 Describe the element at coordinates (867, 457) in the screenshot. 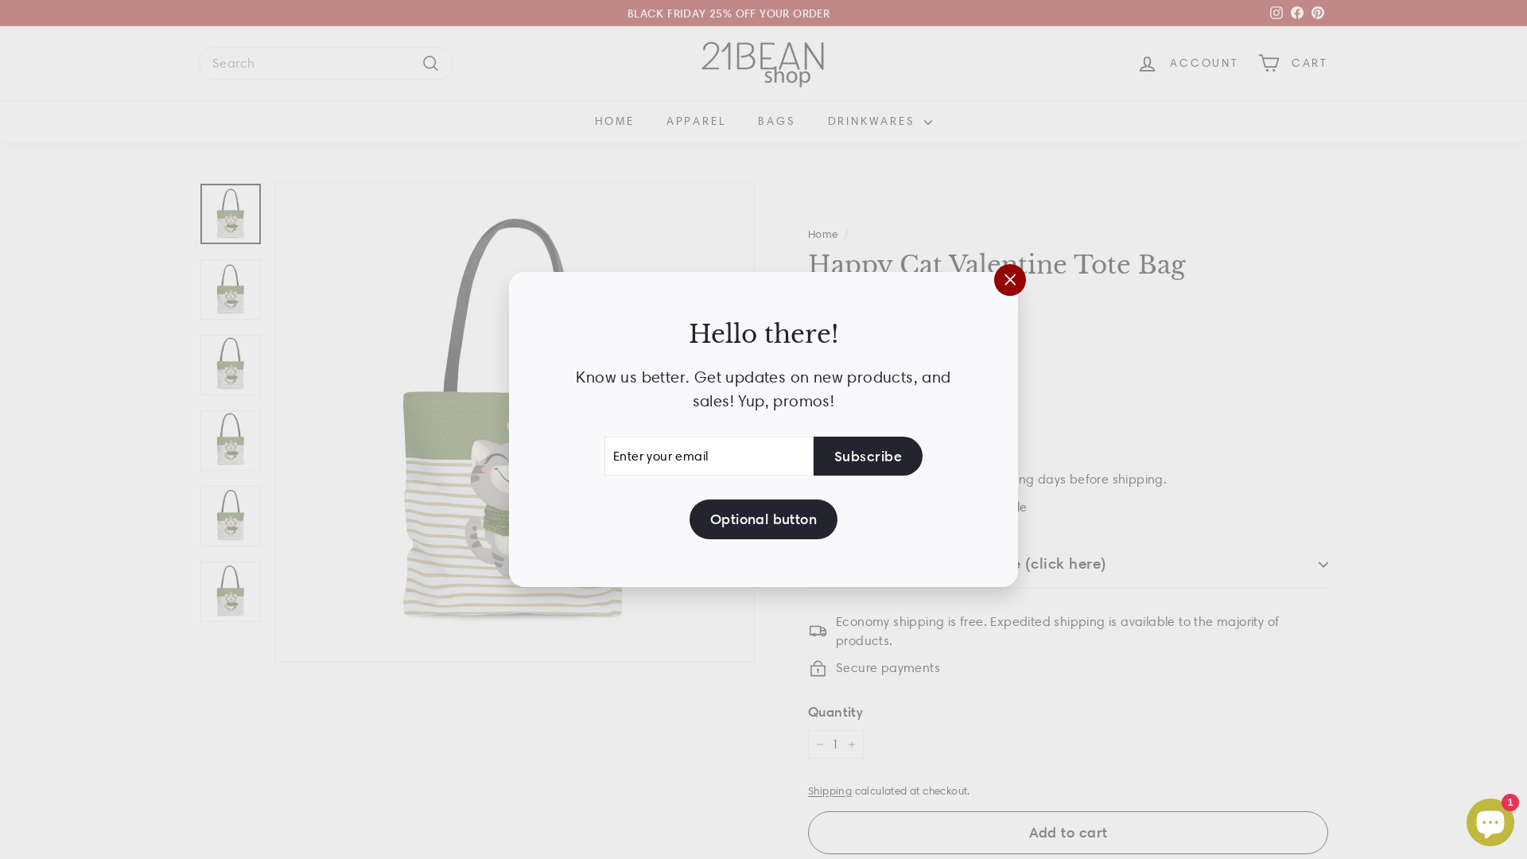

I see `'Subscribe'` at that location.